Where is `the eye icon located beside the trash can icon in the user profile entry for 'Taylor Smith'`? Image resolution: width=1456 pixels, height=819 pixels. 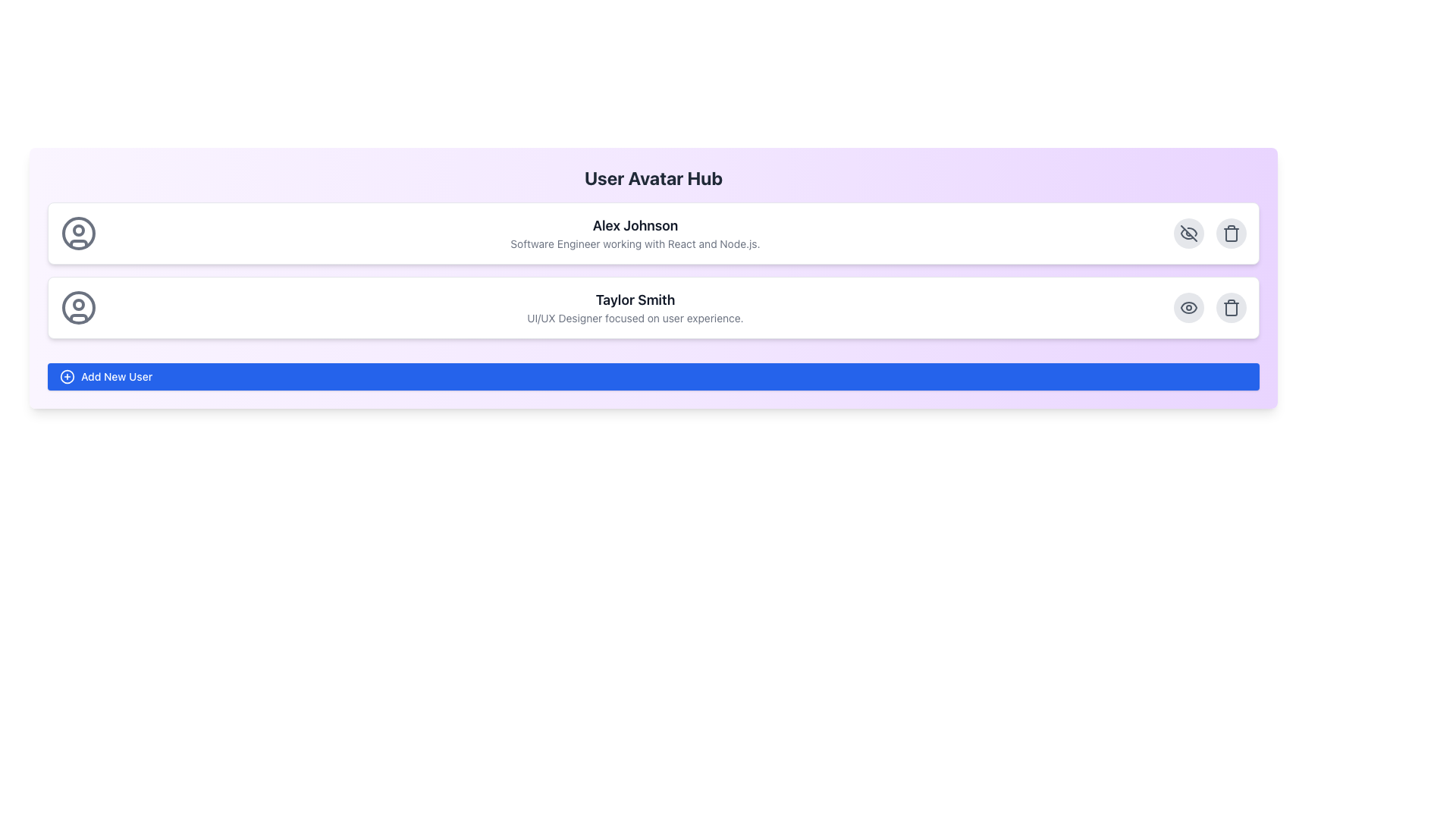
the eye icon located beside the trash can icon in the user profile entry for 'Taylor Smith' is located at coordinates (1188, 307).